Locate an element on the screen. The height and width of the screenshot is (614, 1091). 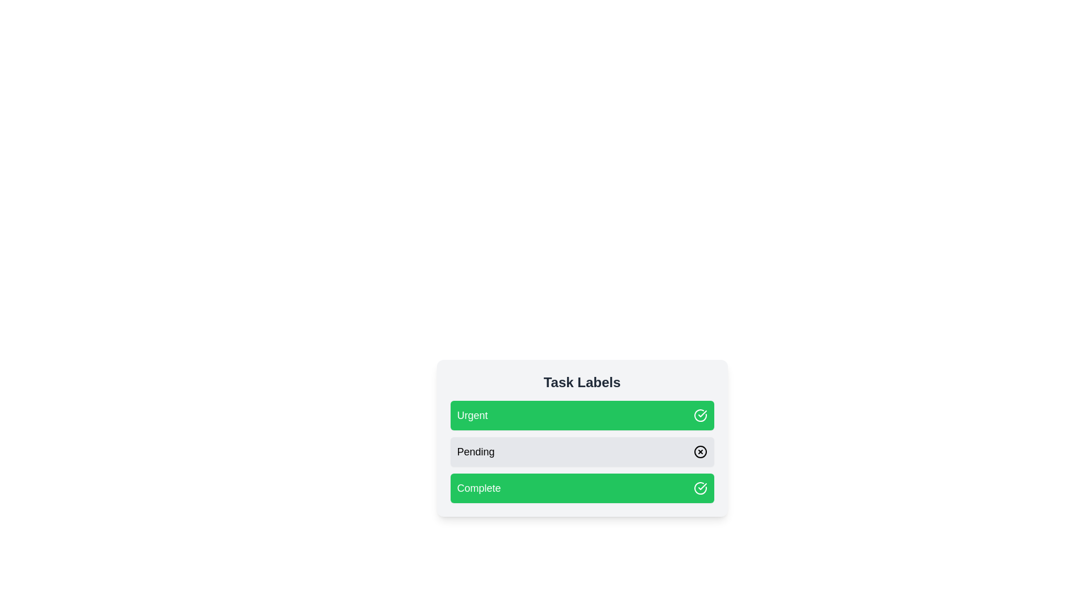
the label Pending to observe the hover effect is located at coordinates (582, 451).